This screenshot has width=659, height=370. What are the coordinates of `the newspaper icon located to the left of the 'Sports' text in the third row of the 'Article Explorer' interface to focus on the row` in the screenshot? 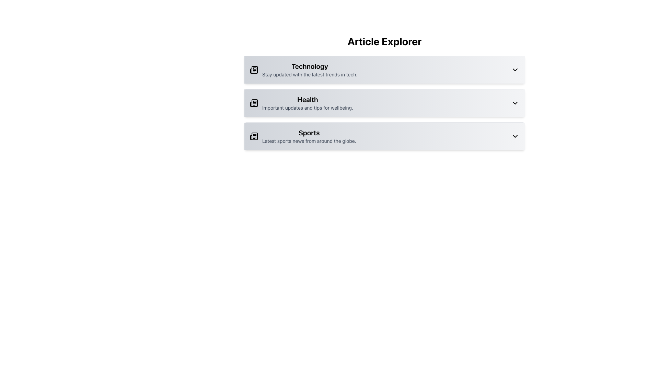 It's located at (253, 136).